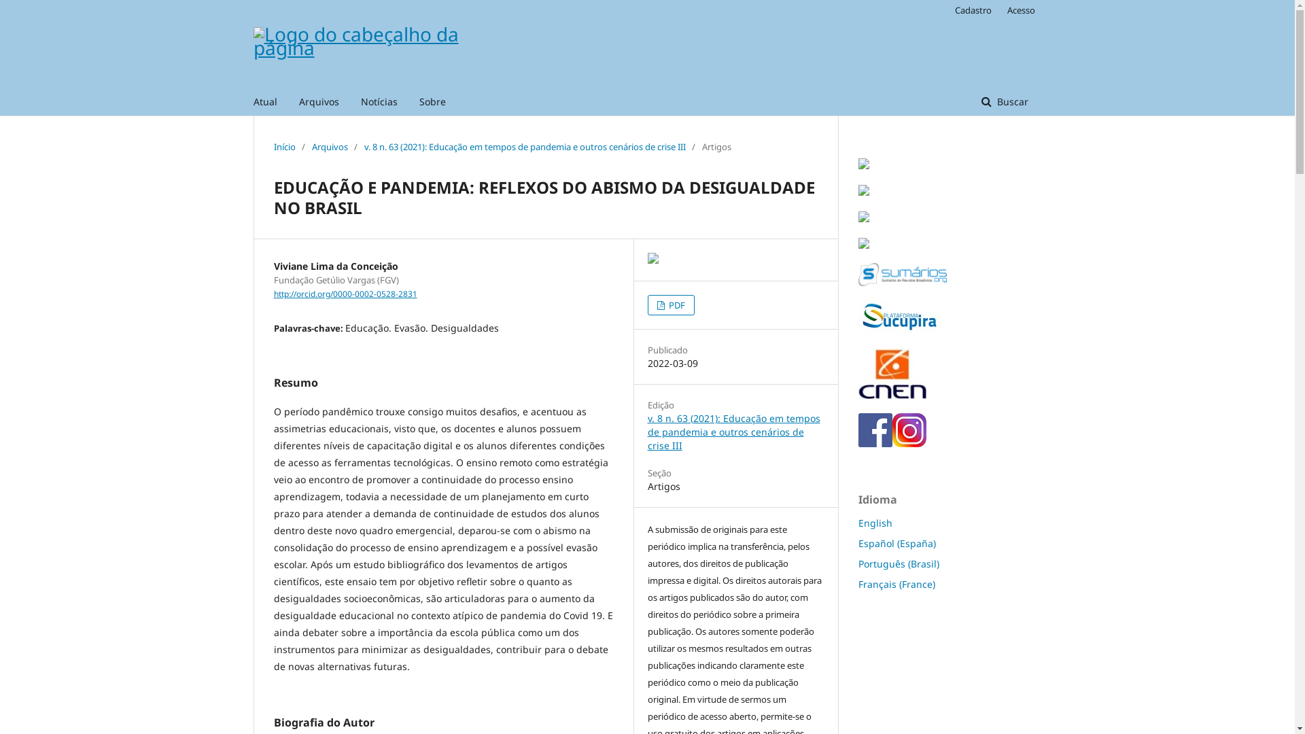  Describe the element at coordinates (967, 101) in the screenshot. I see `'Buscar'` at that location.